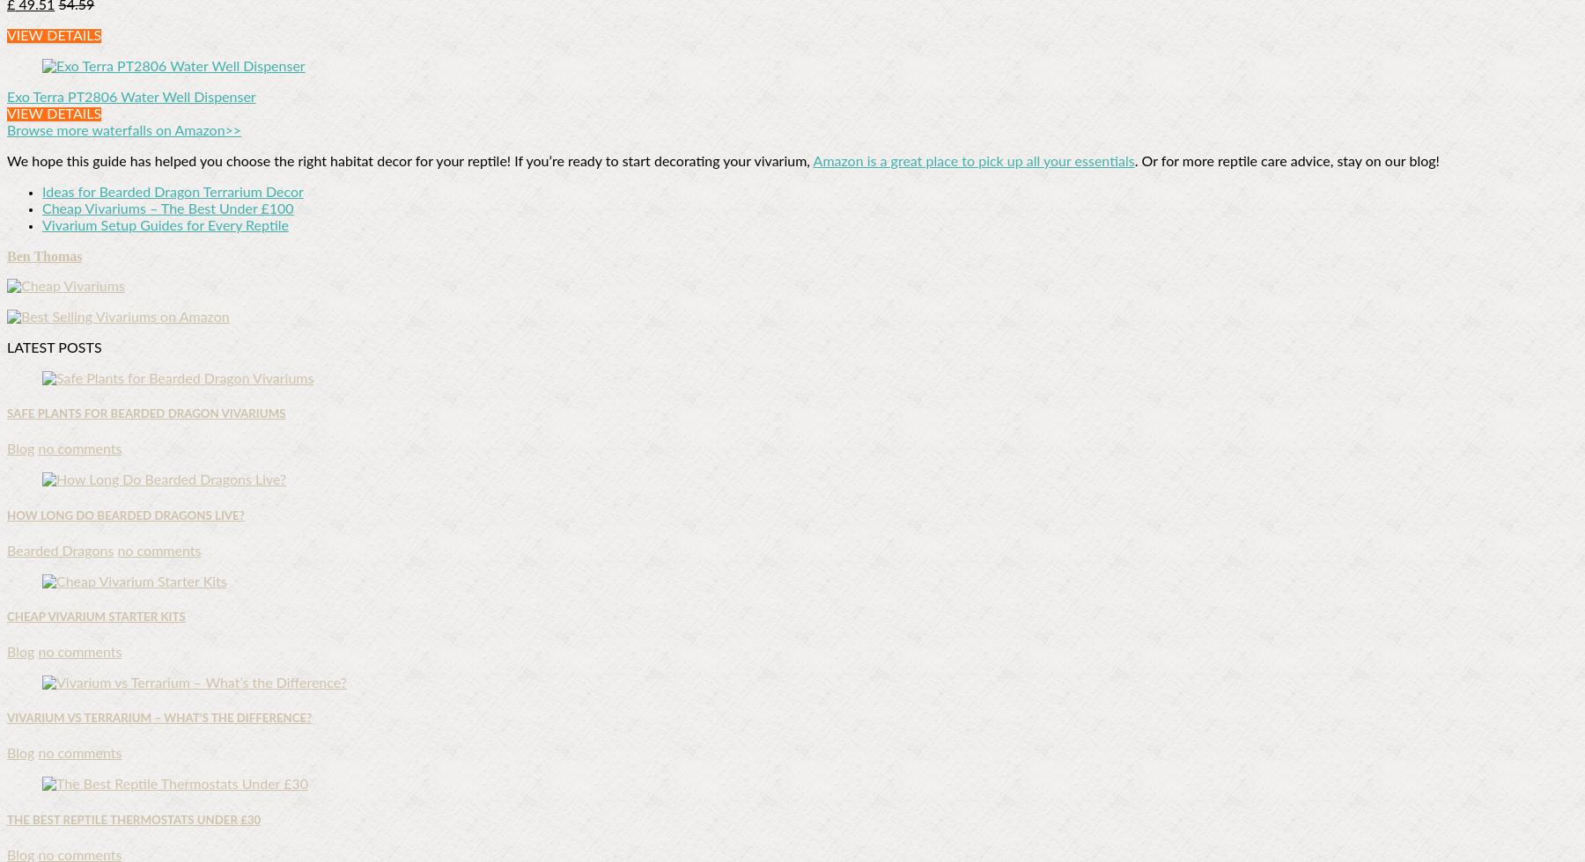 Image resolution: width=1585 pixels, height=862 pixels. I want to click on 'Browse more waterfalls on Amazon>>', so click(123, 130).